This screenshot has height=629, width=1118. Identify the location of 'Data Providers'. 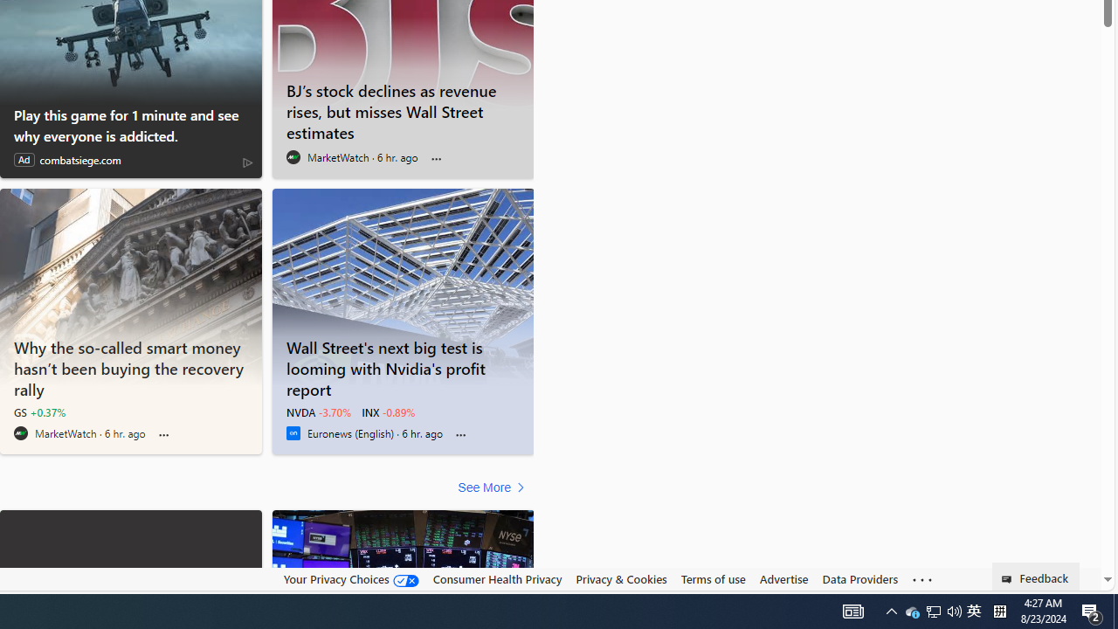
(859, 579).